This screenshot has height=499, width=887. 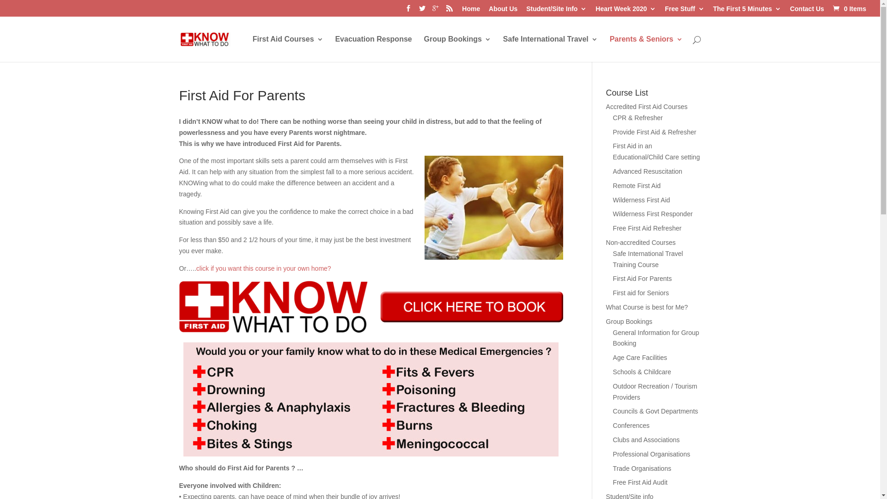 I want to click on 'Parents & Seniors', so click(x=610, y=49).